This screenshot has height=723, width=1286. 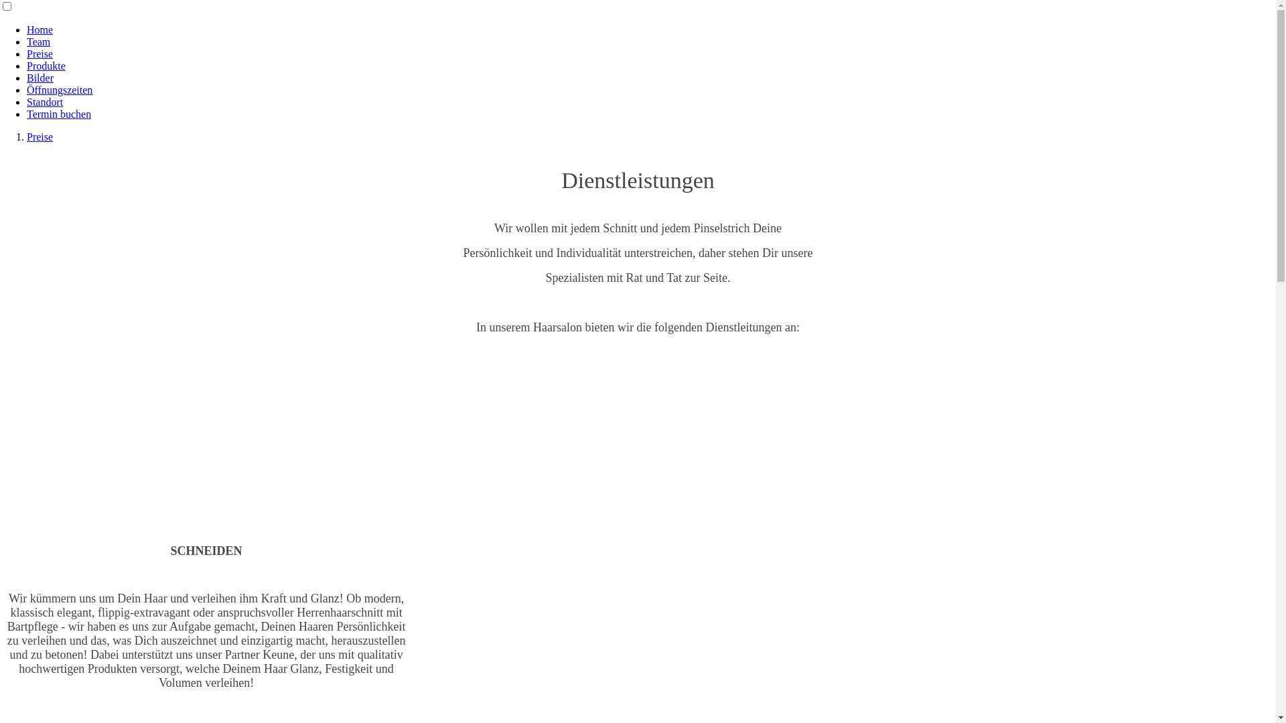 What do you see at coordinates (46, 66) in the screenshot?
I see `'Produkte'` at bounding box center [46, 66].